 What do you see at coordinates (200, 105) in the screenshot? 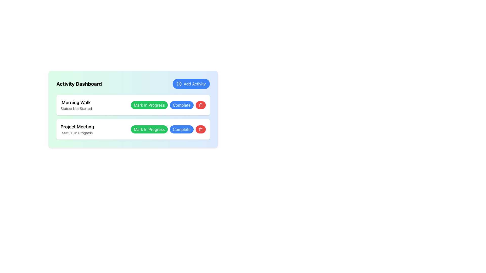
I see `the red circular button with a white trash can icon` at bounding box center [200, 105].